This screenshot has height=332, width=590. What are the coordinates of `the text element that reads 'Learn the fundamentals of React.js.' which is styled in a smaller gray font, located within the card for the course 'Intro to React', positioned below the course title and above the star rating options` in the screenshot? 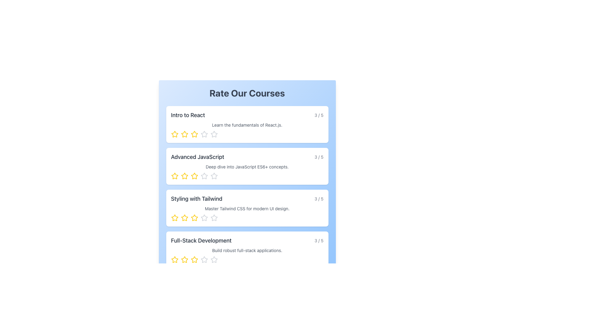 It's located at (247, 125).